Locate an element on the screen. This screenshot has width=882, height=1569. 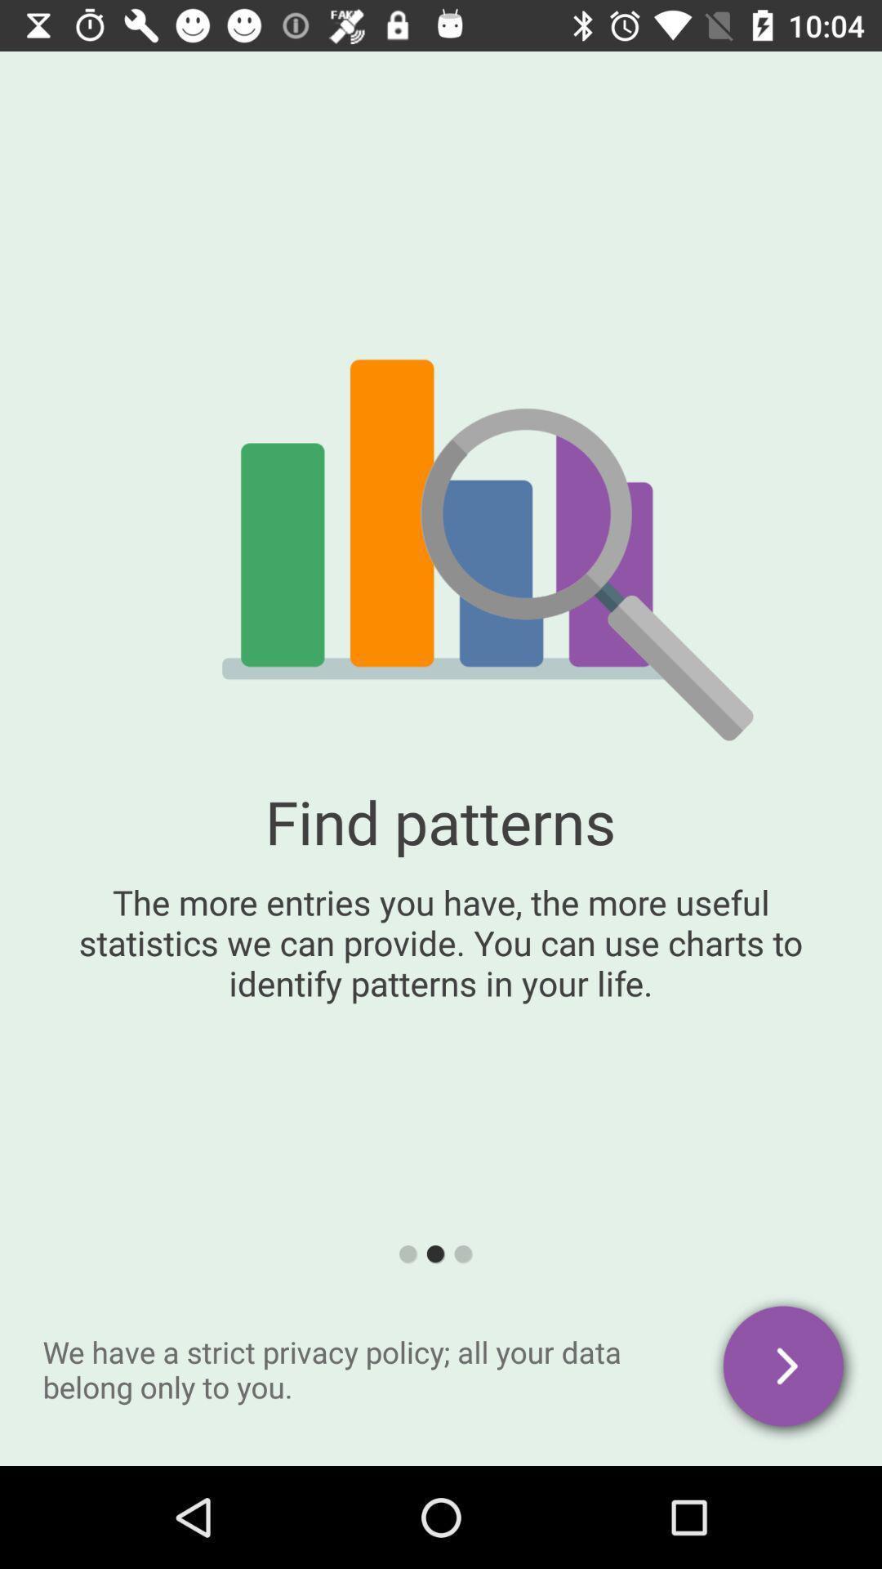
icon to the right of the we have a item is located at coordinates (784, 1369).